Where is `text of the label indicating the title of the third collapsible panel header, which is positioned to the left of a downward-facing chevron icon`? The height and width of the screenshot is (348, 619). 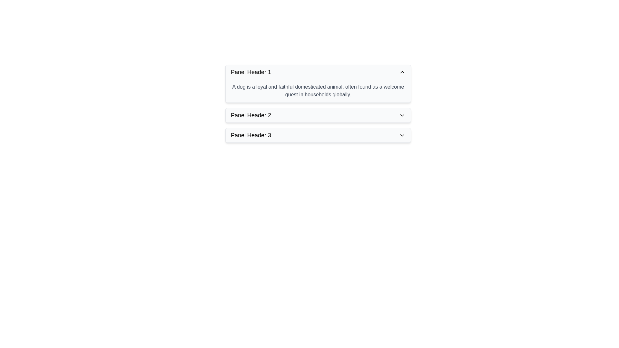 text of the label indicating the title of the third collapsible panel header, which is positioned to the left of a downward-facing chevron icon is located at coordinates (251, 135).